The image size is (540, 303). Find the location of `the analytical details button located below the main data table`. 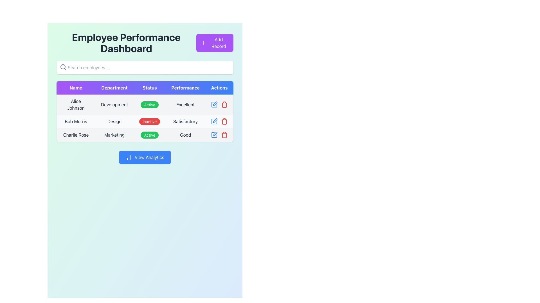

the analytical details button located below the main data table is located at coordinates (145, 157).